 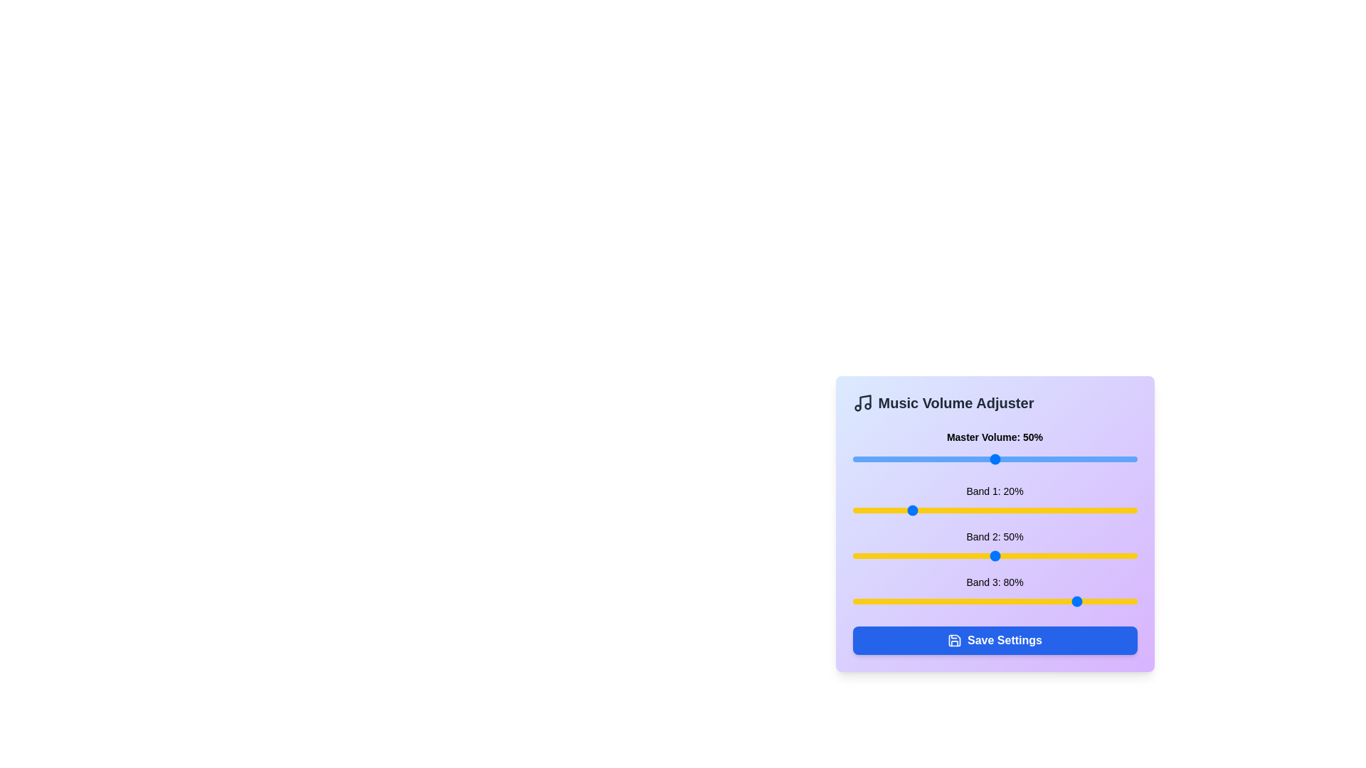 What do you see at coordinates (960, 509) in the screenshot?
I see `Band 1` at bounding box center [960, 509].